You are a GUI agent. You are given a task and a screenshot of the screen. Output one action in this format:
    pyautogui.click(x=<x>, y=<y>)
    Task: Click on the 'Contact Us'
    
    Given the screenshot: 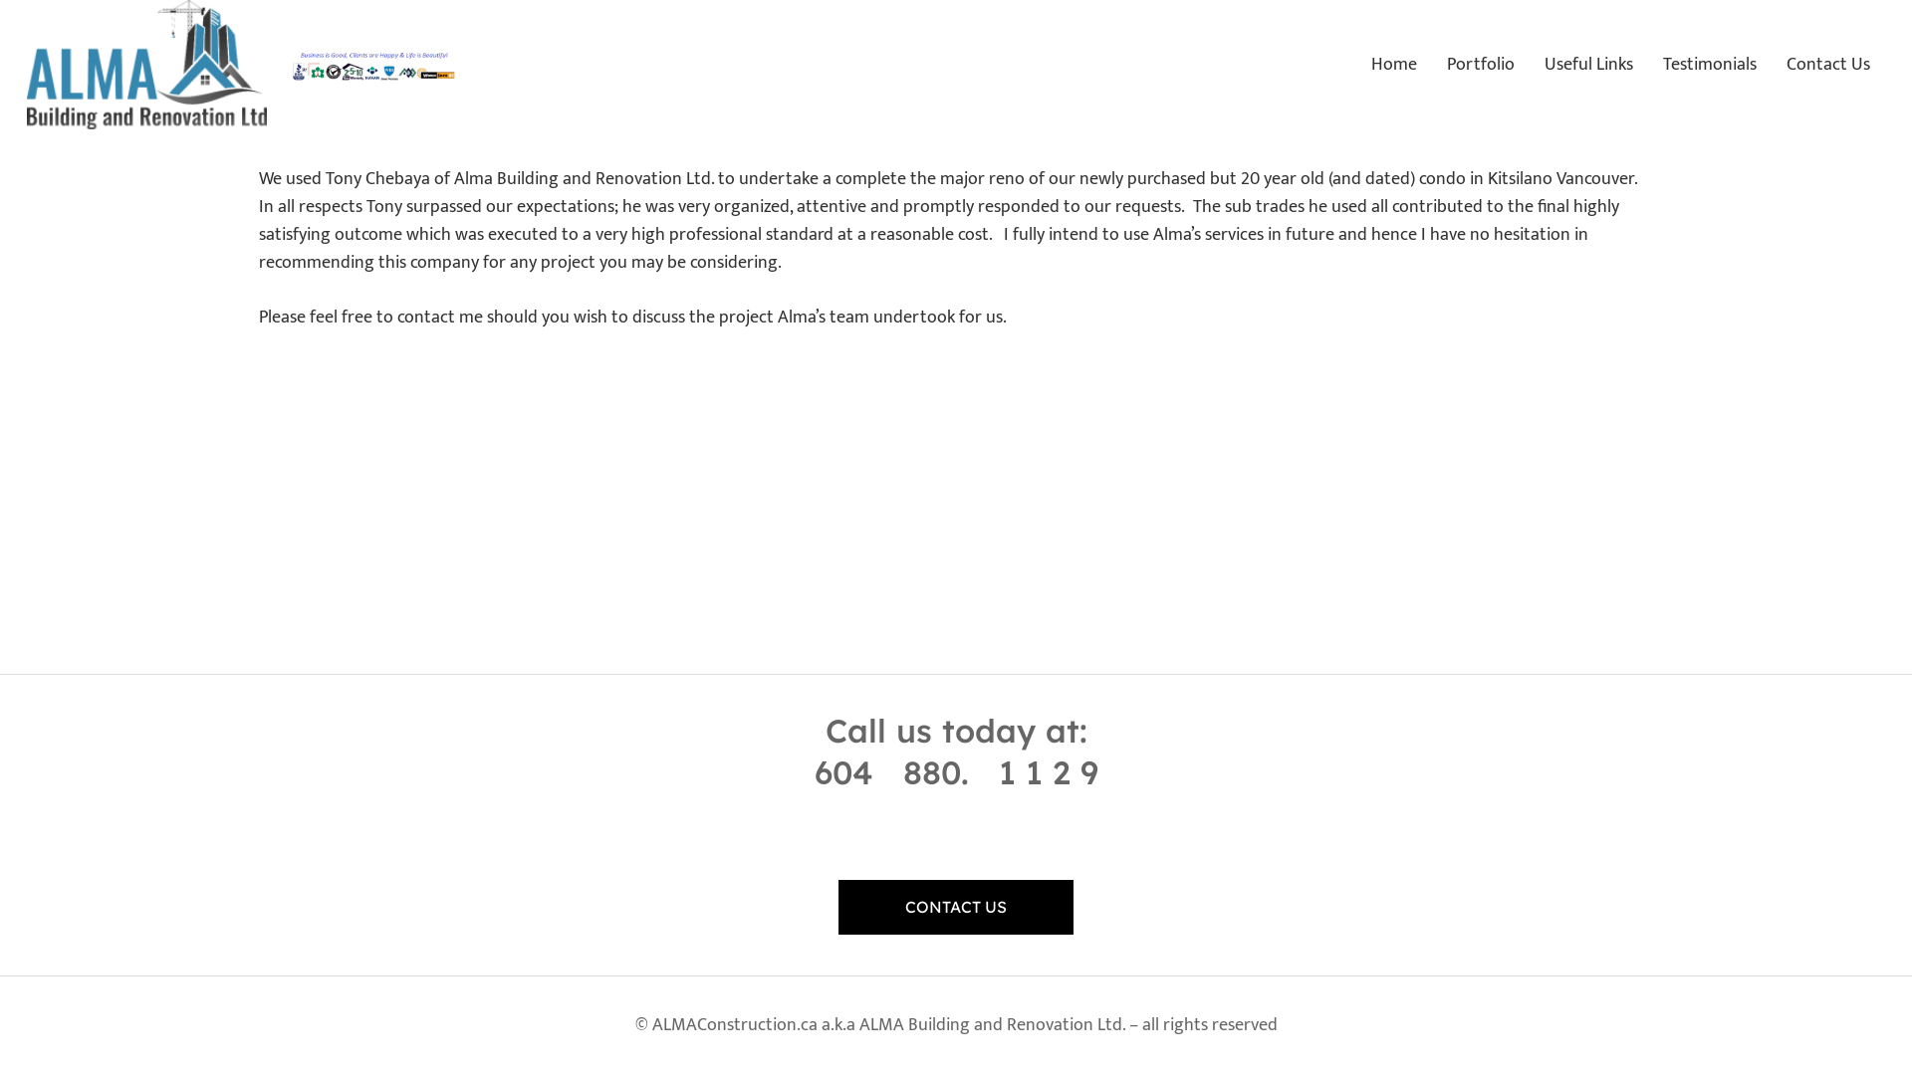 What is the action you would take?
    pyautogui.click(x=1828, y=64)
    